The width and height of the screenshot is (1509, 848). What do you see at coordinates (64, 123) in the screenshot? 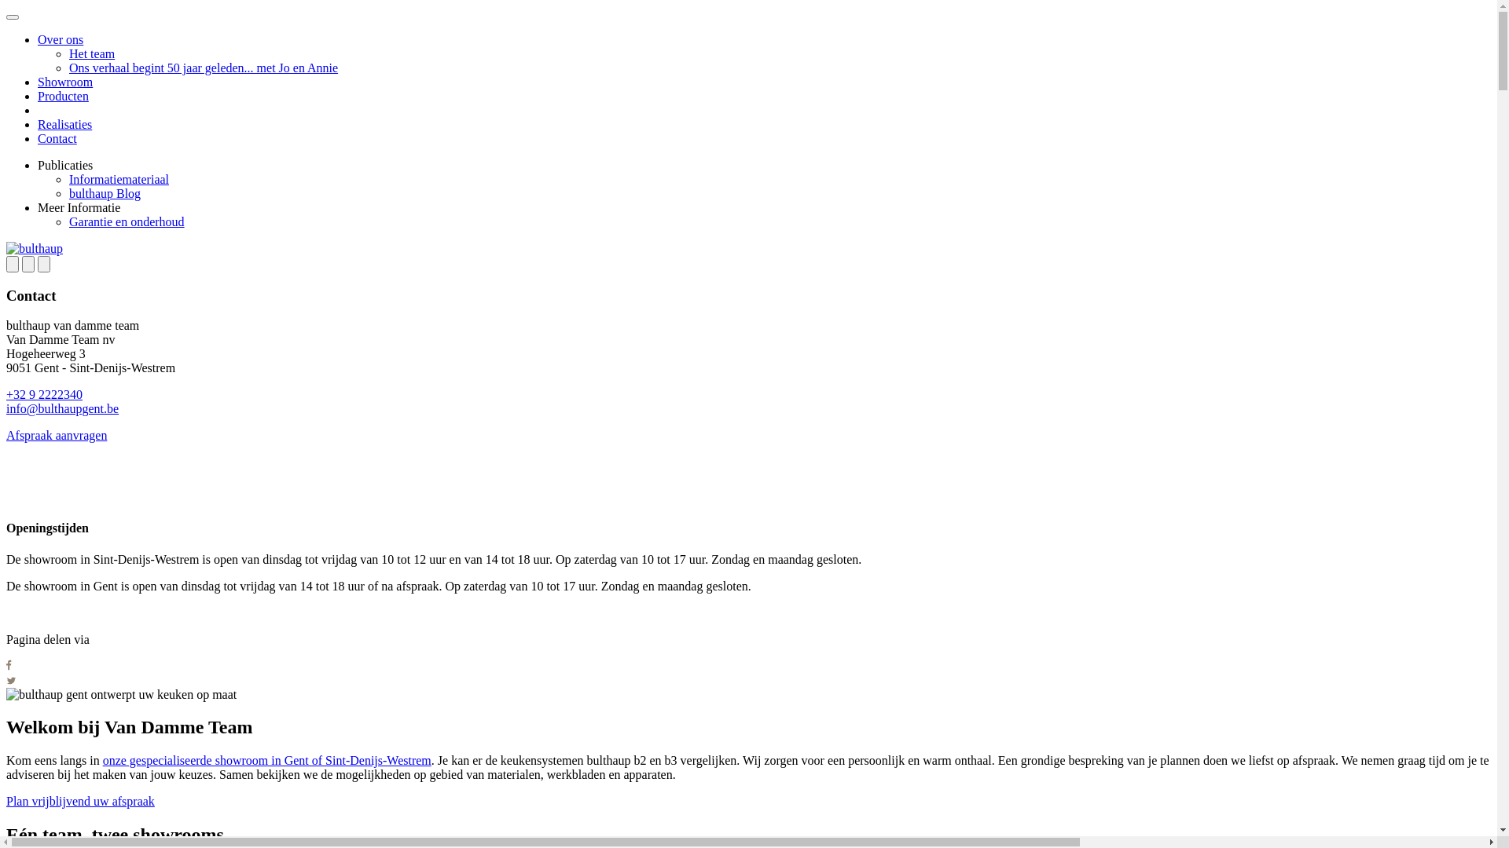
I see `'Realisaties'` at bounding box center [64, 123].